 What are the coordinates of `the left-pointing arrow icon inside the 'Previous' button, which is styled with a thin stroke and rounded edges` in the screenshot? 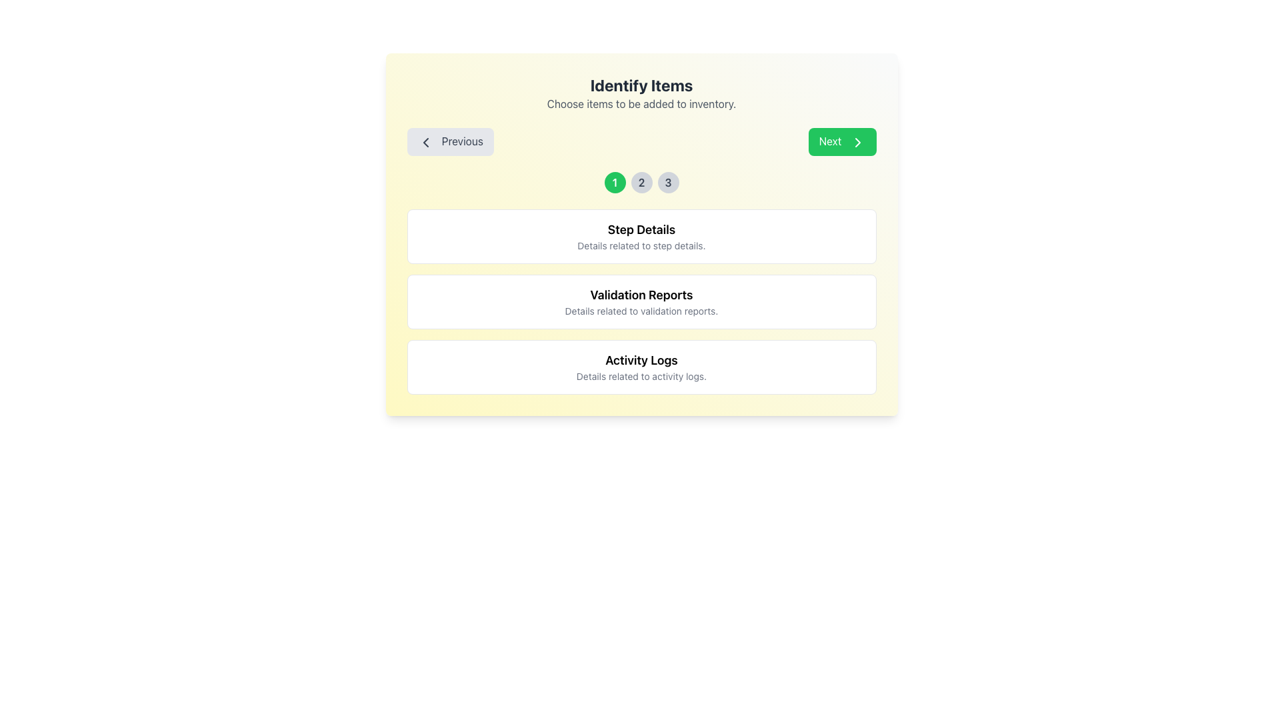 It's located at (425, 142).